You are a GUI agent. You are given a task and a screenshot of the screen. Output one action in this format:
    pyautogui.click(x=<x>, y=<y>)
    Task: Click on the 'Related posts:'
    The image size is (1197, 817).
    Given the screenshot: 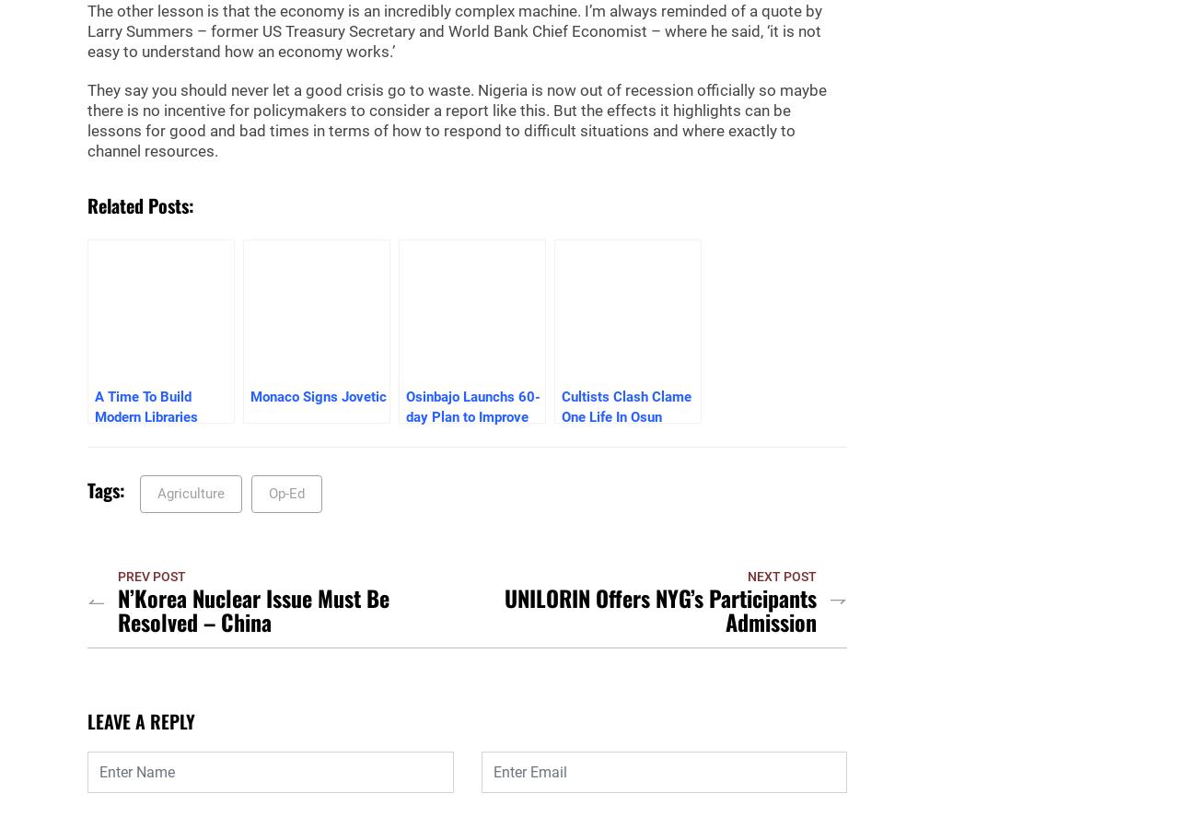 What is the action you would take?
    pyautogui.click(x=140, y=204)
    